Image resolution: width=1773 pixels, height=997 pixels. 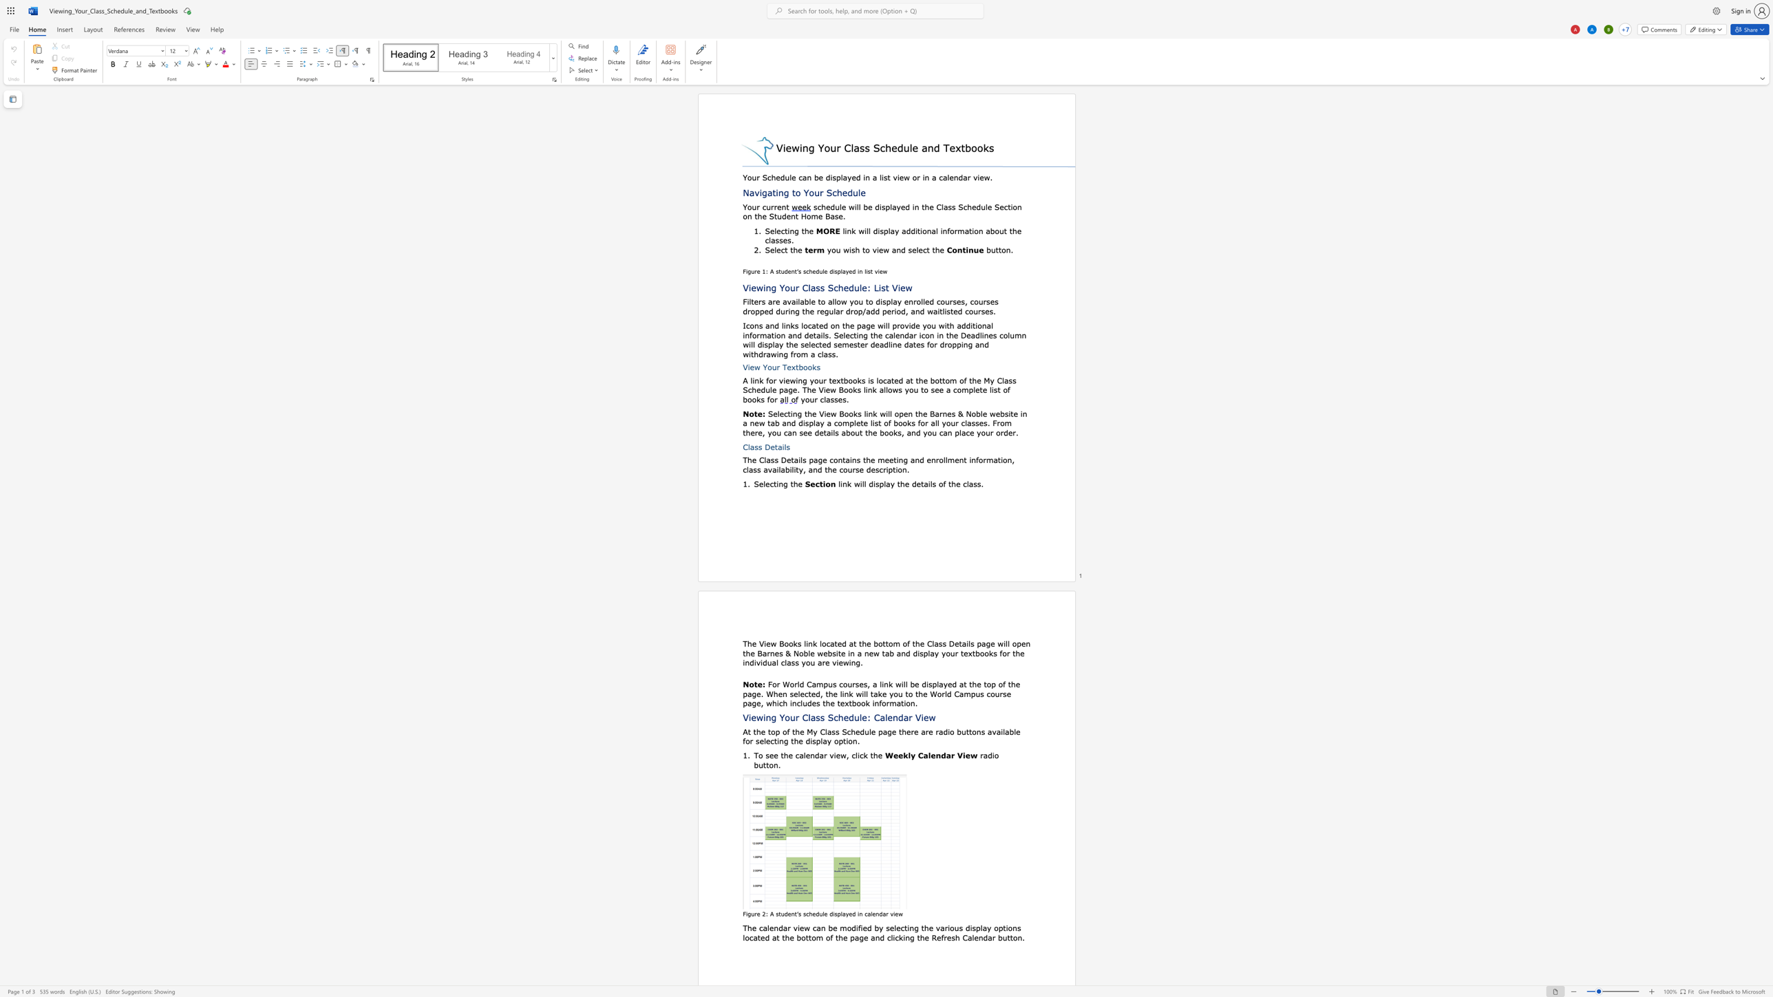 What do you see at coordinates (1016, 928) in the screenshot?
I see `the space between the continuous character "n" and "s" in the text` at bounding box center [1016, 928].